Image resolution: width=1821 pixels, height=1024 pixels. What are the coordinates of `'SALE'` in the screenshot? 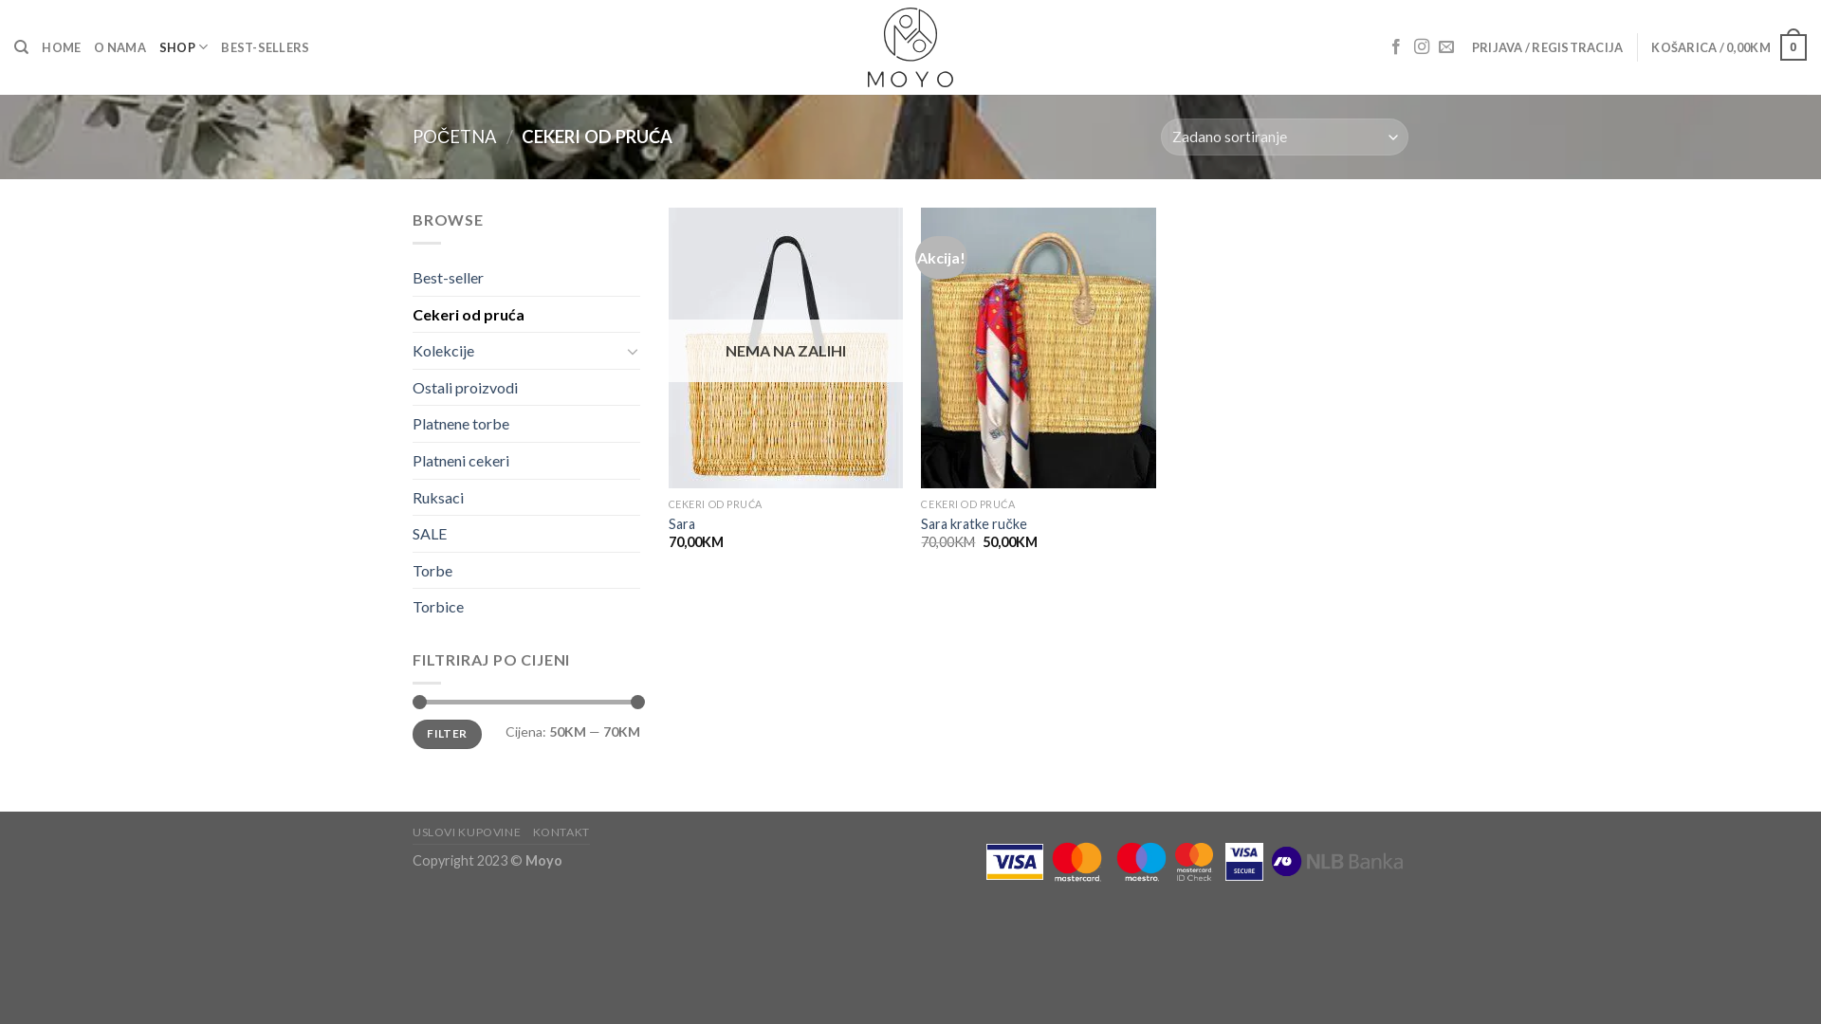 It's located at (526, 534).